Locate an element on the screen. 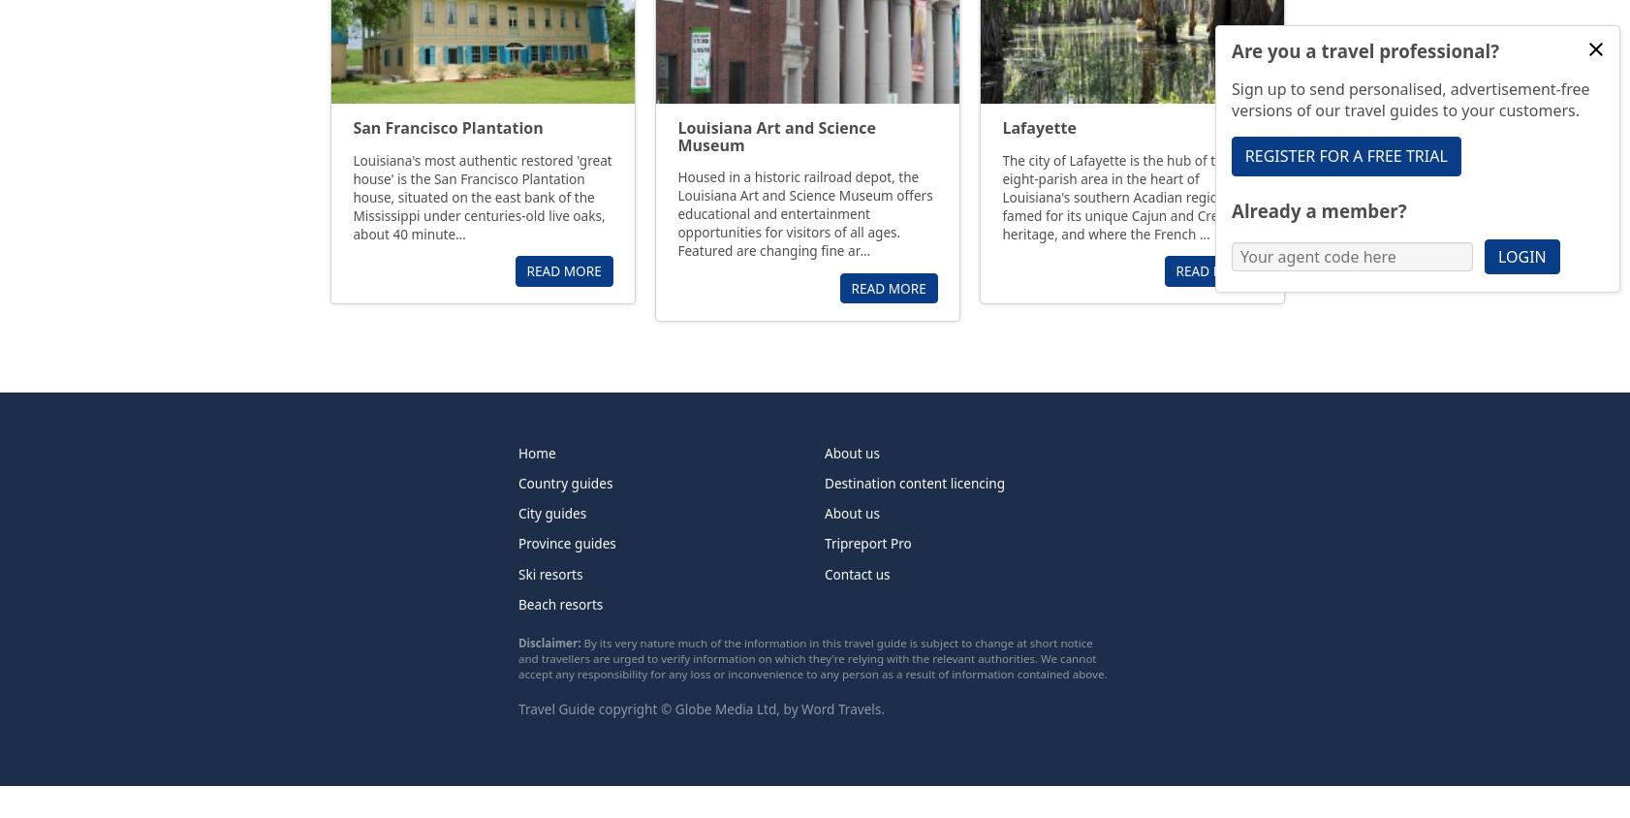 This screenshot has width=1630, height=818. 'The city of Lafayette is the hub of the eight-parish area in the
heart of Louisiana's southern Acadian region, famed for its unique
Cajun and Creole heritage, and where the French …' is located at coordinates (1118, 196).